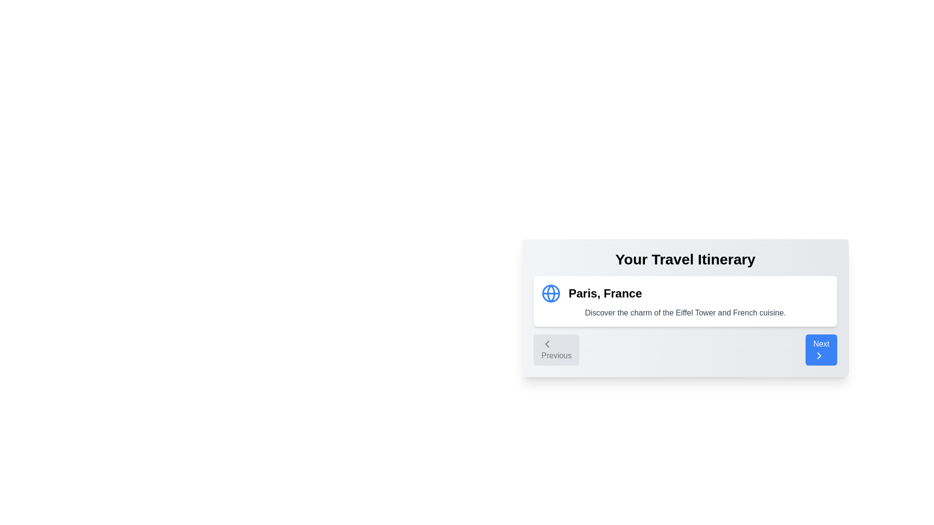  What do you see at coordinates (819, 356) in the screenshot?
I see `the right-pointing chevron icon inside the blue 'Next' button located at the bottom-right corner of the interface` at bounding box center [819, 356].